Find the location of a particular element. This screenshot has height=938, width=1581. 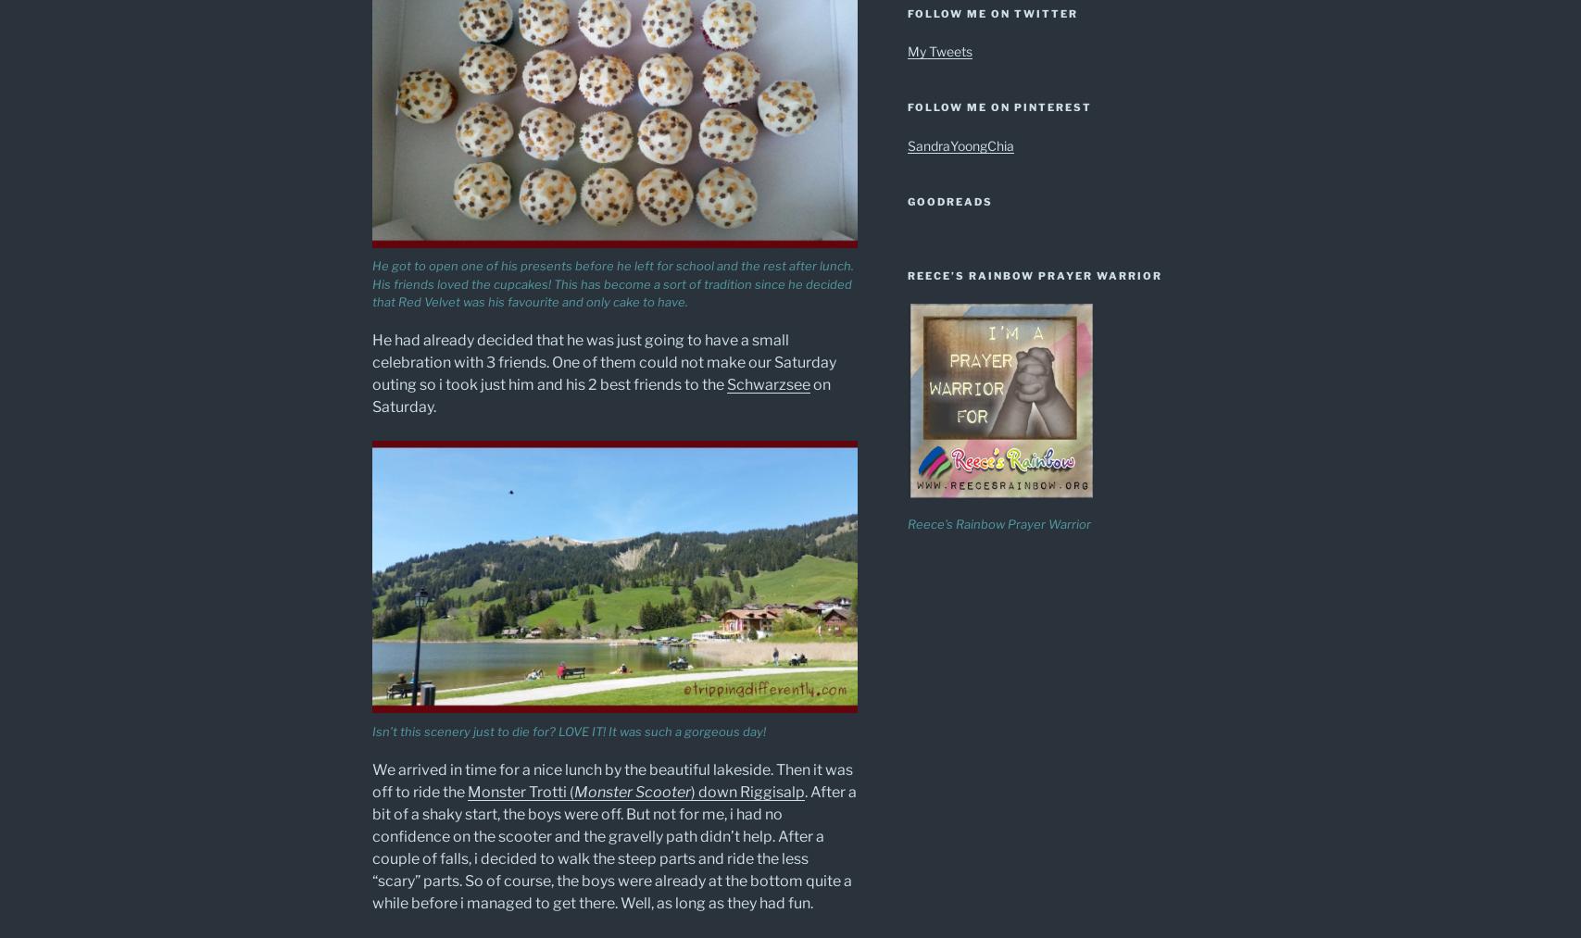

'Follow me on Pinterest' is located at coordinates (998, 106).